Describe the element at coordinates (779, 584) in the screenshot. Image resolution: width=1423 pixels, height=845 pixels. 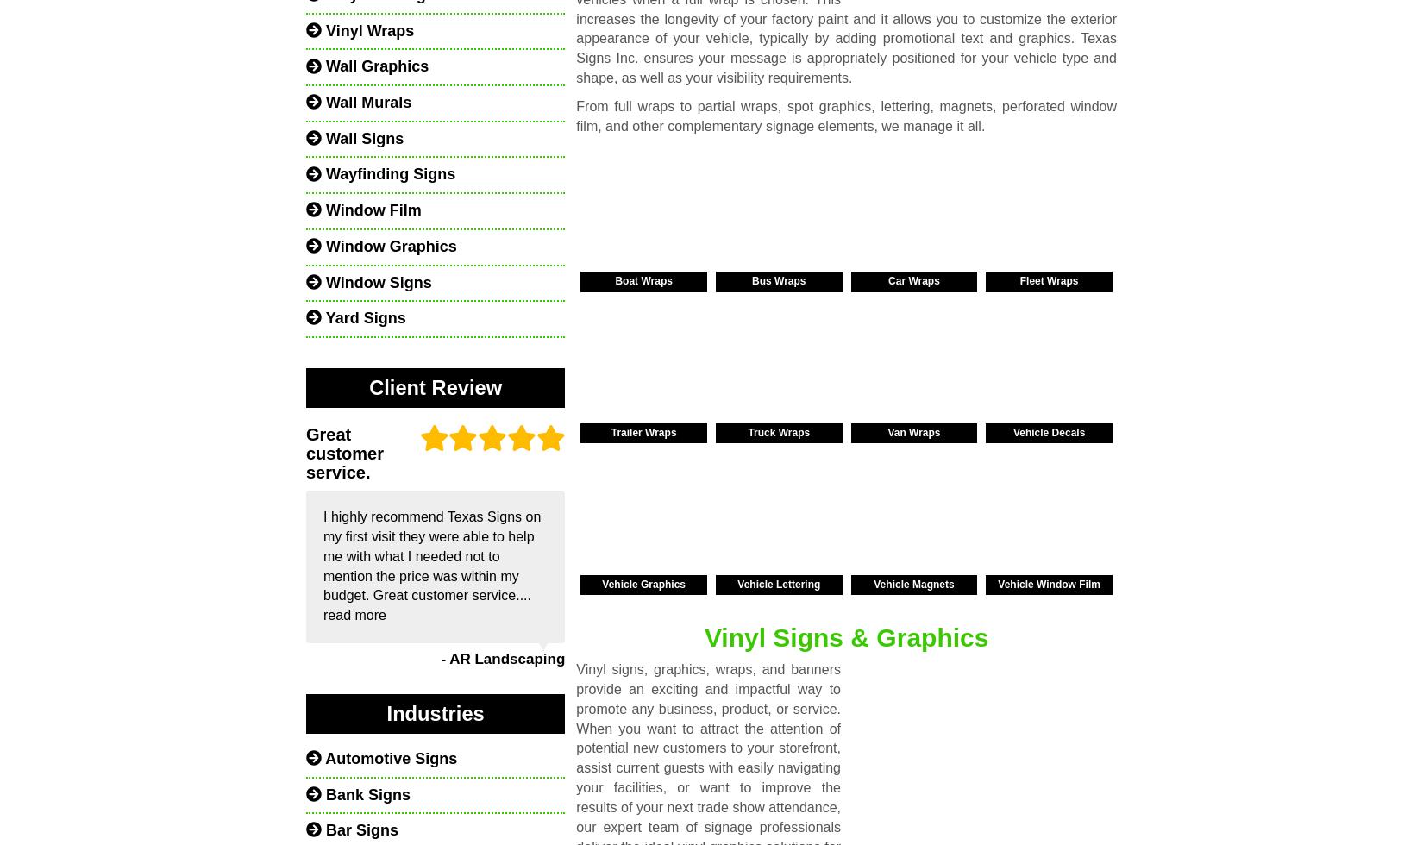
I see `'Vehicle Lettering'` at that location.